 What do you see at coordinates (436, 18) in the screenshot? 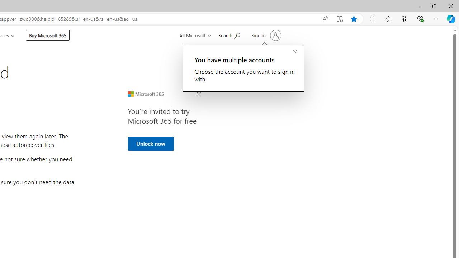
I see `'Settings and more (Alt+F)'` at bounding box center [436, 18].